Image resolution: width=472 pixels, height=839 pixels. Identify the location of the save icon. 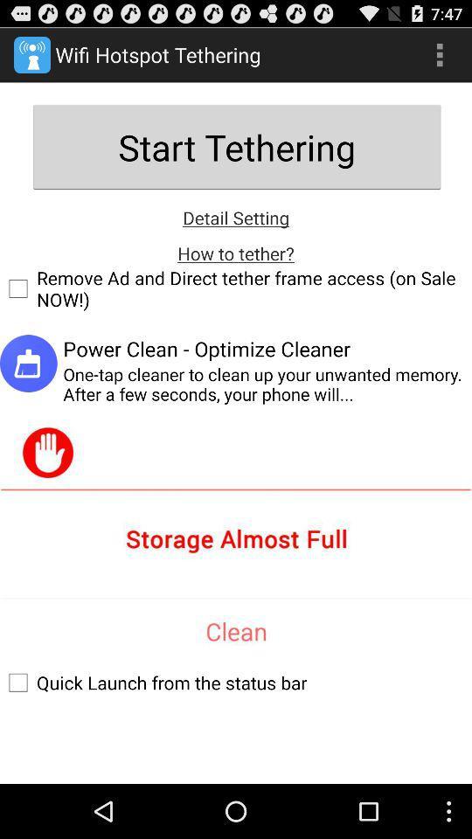
(27, 389).